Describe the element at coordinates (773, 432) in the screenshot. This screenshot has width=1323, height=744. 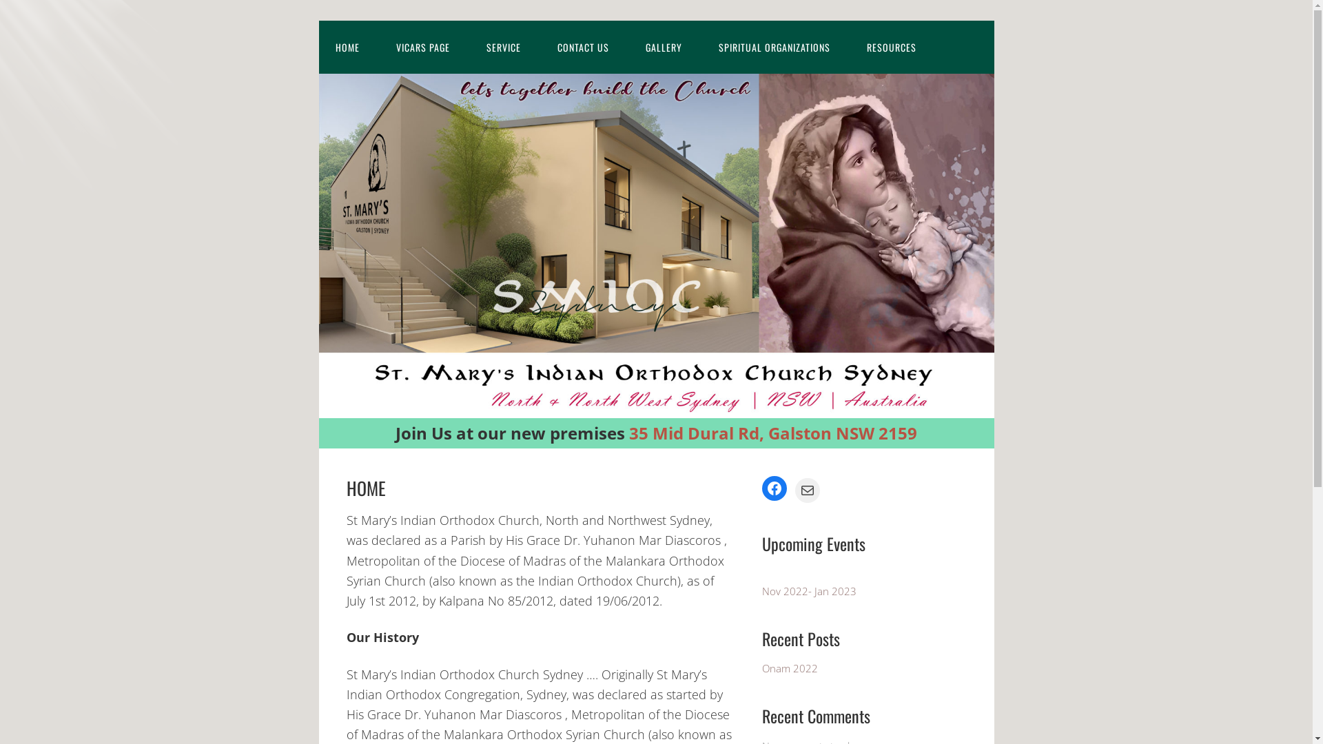
I see `'35 Mid Dural Rd, Galston NSW 2159'` at that location.